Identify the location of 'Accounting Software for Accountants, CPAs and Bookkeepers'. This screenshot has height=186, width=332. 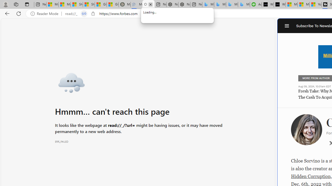
(256, 4).